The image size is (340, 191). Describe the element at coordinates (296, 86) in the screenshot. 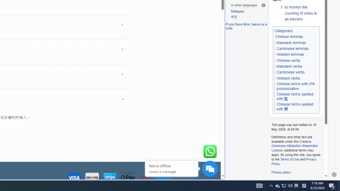

I see `'Chinese terms with IPA pronunciation'` at that location.